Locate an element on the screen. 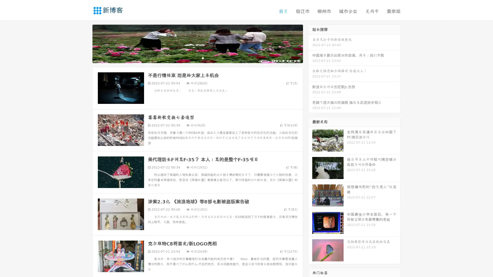  Previous slide is located at coordinates (85, 43).